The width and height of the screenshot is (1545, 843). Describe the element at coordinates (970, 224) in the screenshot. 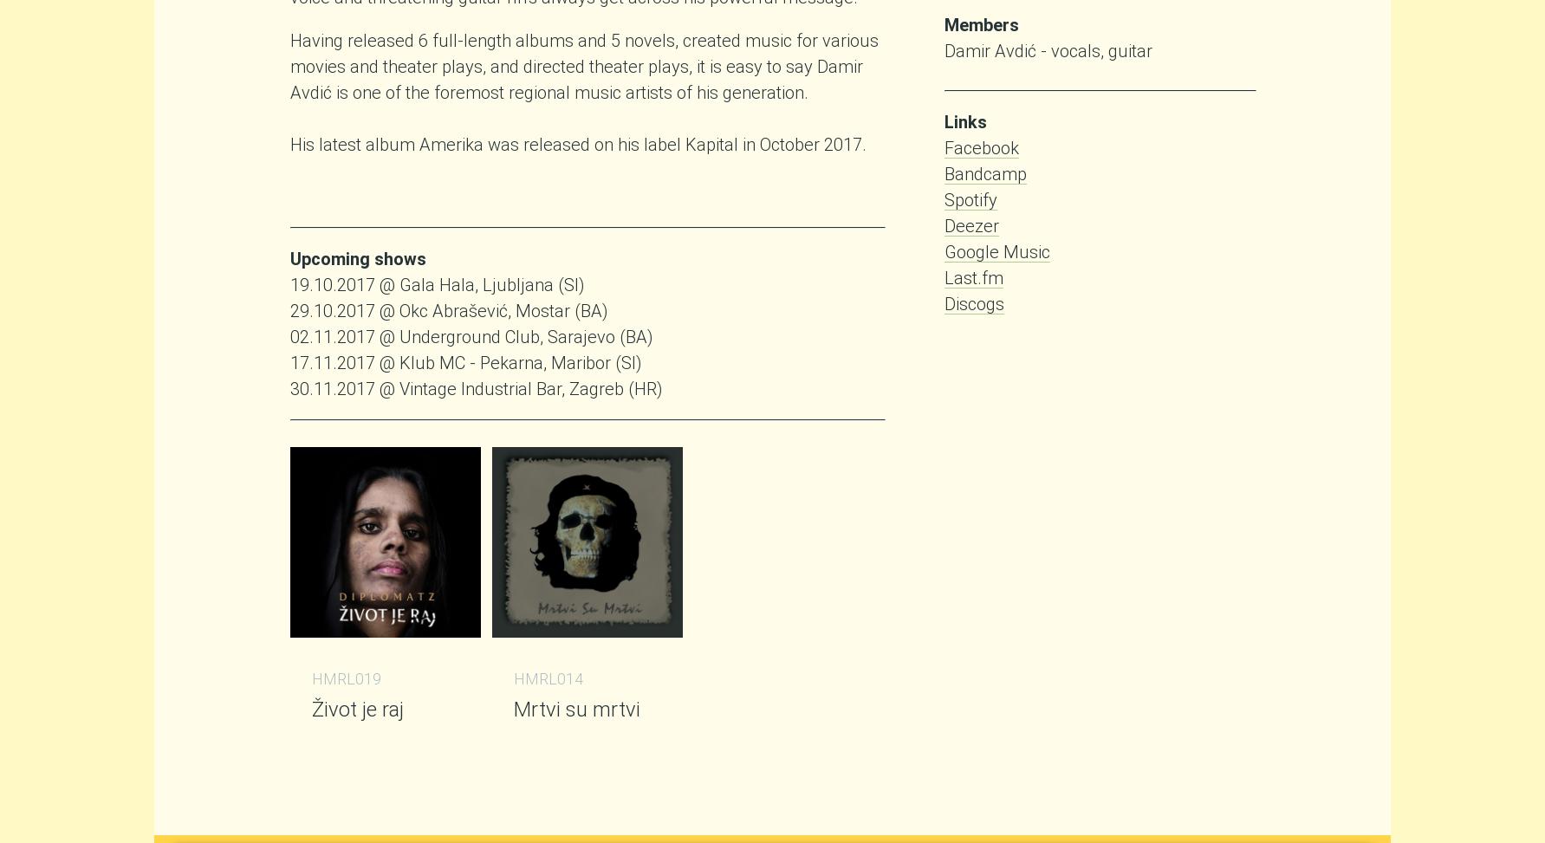

I see `'Deezer'` at that location.